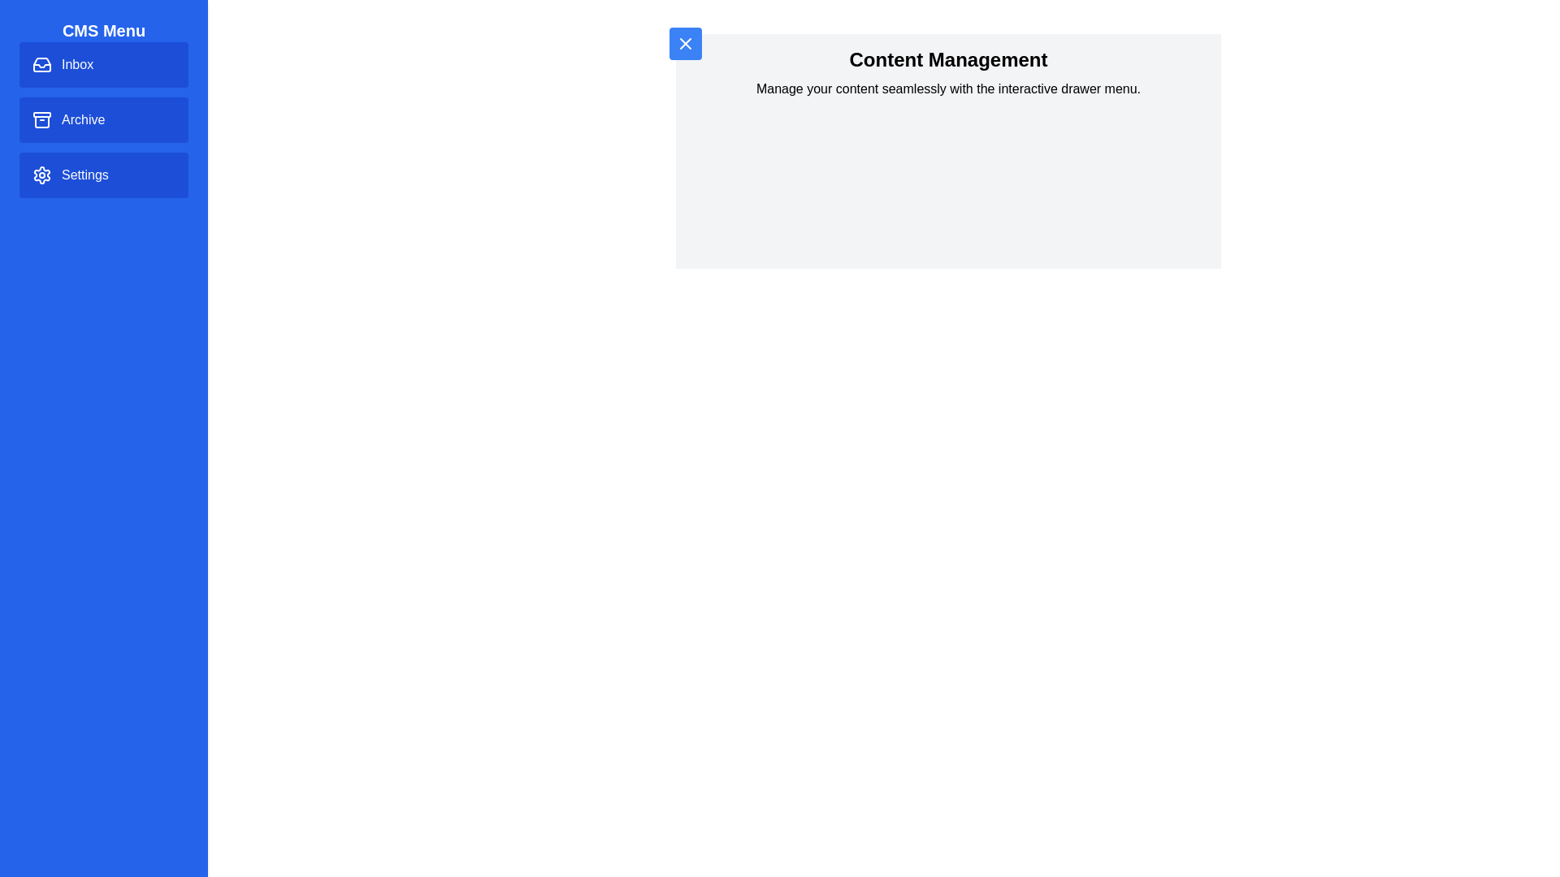  I want to click on the menu item Archive from the drawer, so click(103, 119).